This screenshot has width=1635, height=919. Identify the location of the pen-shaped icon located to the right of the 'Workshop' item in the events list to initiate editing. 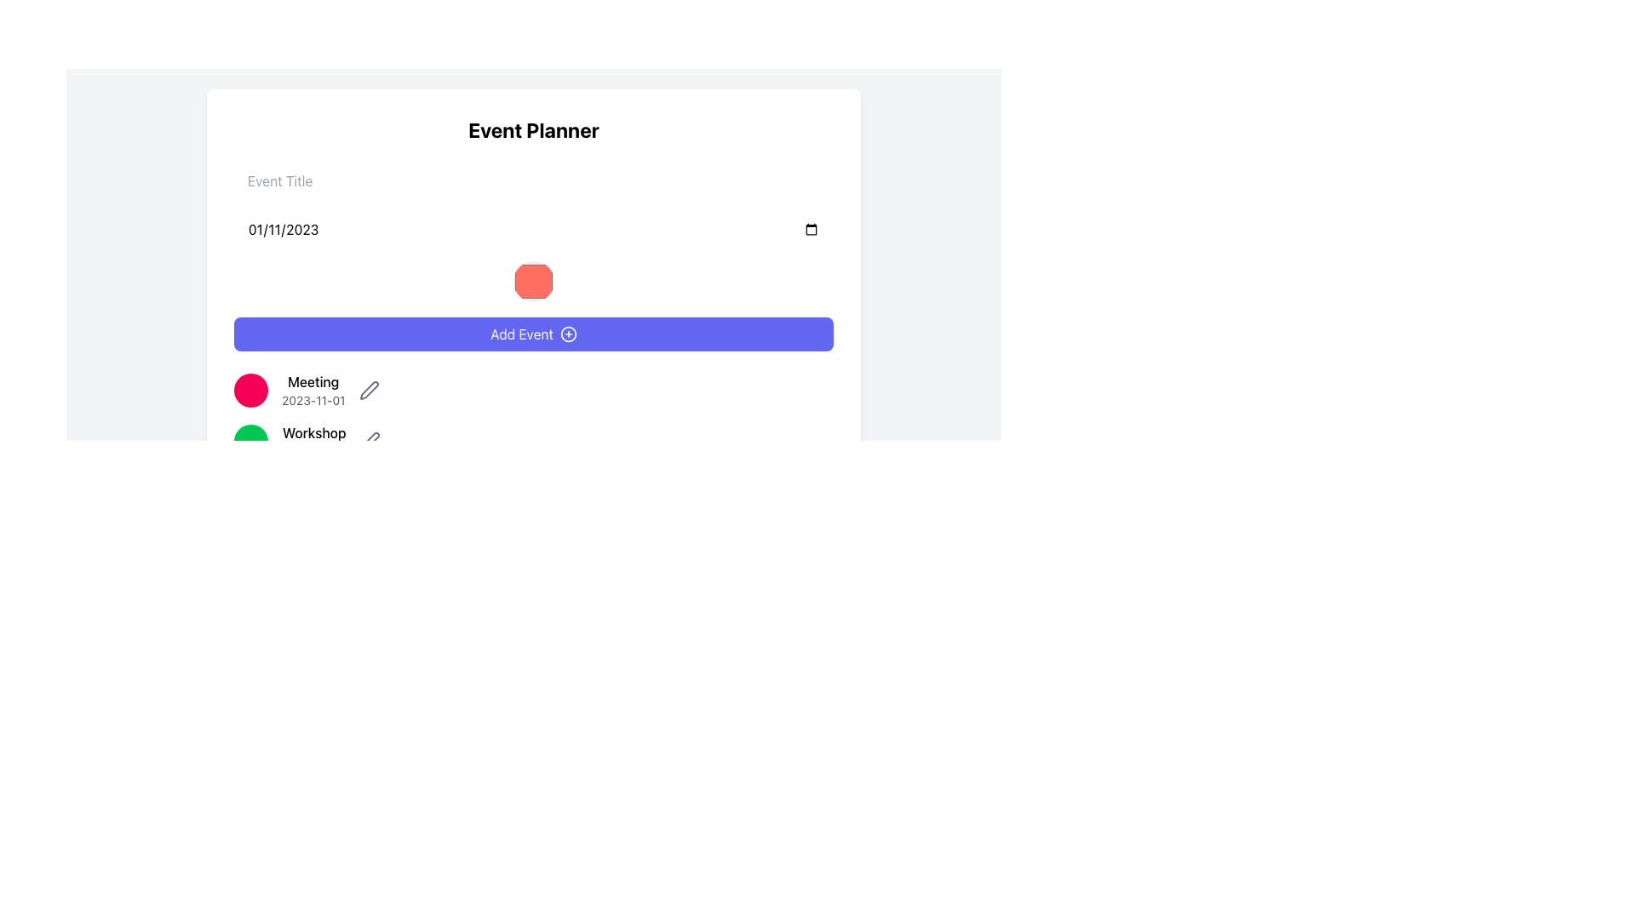
(368, 391).